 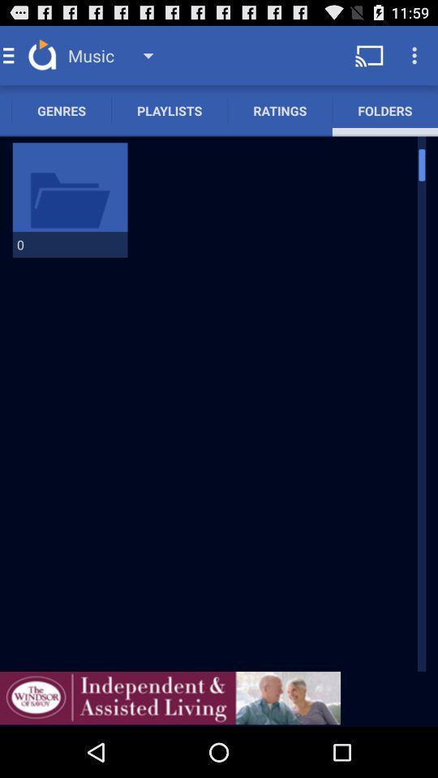 I want to click on the advertisement, so click(x=170, y=697).